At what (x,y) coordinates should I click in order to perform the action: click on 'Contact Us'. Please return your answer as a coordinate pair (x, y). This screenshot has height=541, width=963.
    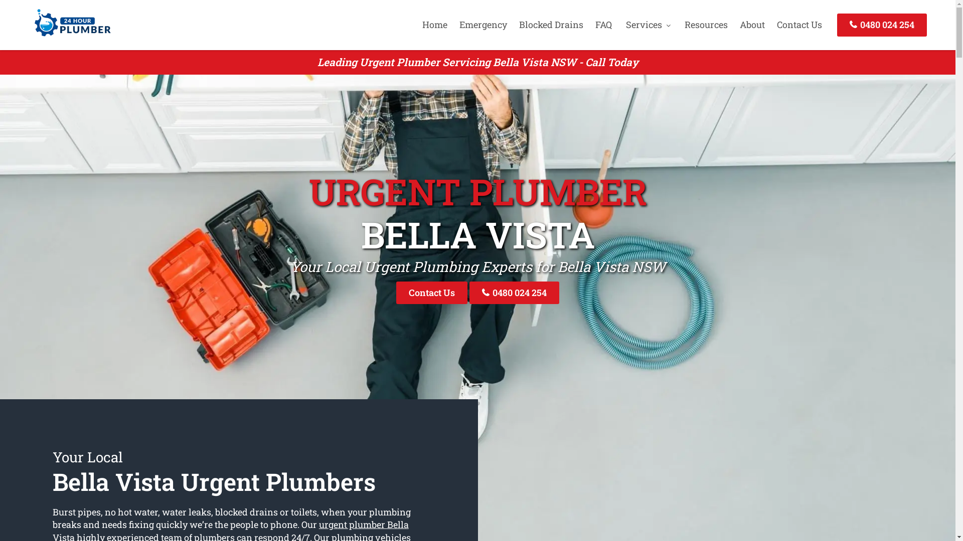
    Looking at the image, I should click on (396, 293).